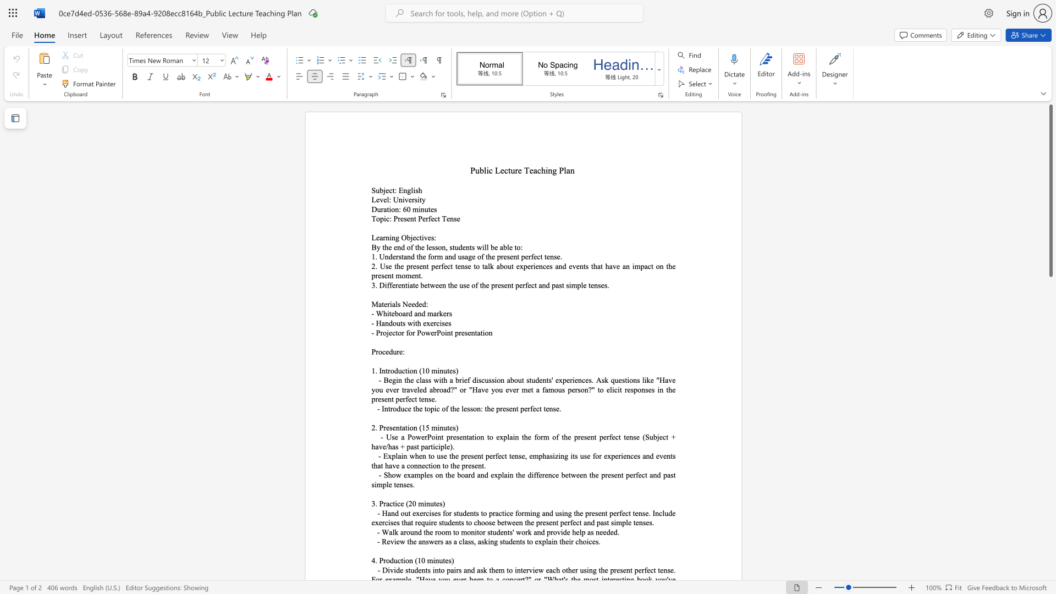 This screenshot has height=594, width=1056. Describe the element at coordinates (1050, 517) in the screenshot. I see `the scrollbar on the side` at that location.